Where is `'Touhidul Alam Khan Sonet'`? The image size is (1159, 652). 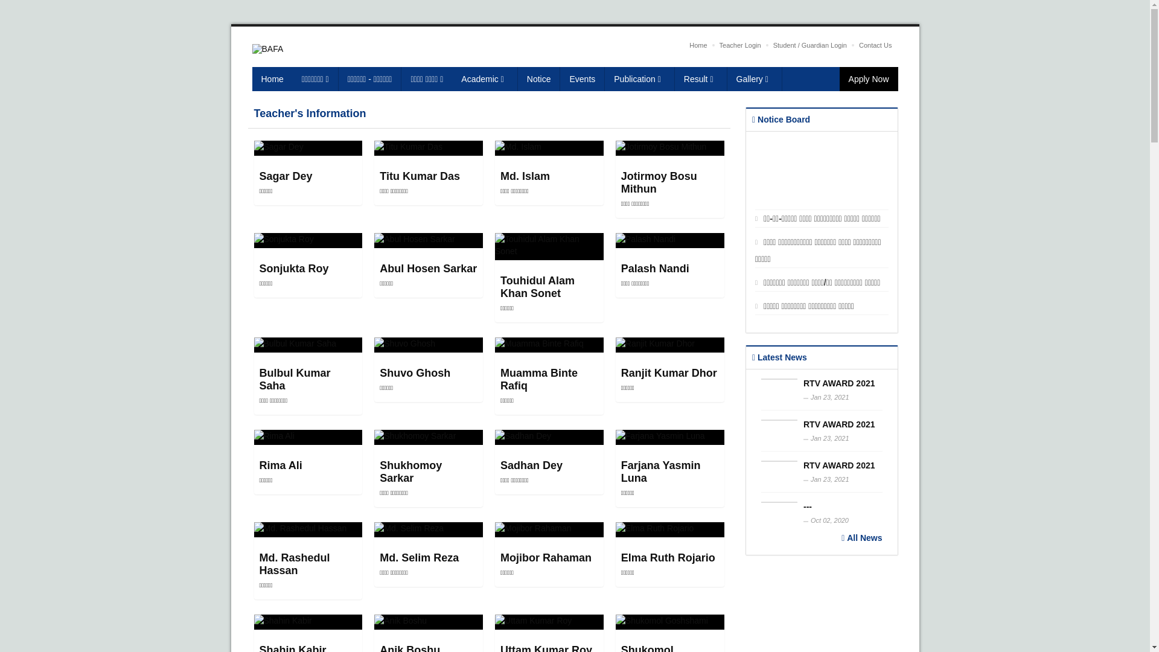
'Touhidul Alam Khan Sonet' is located at coordinates (537, 287).